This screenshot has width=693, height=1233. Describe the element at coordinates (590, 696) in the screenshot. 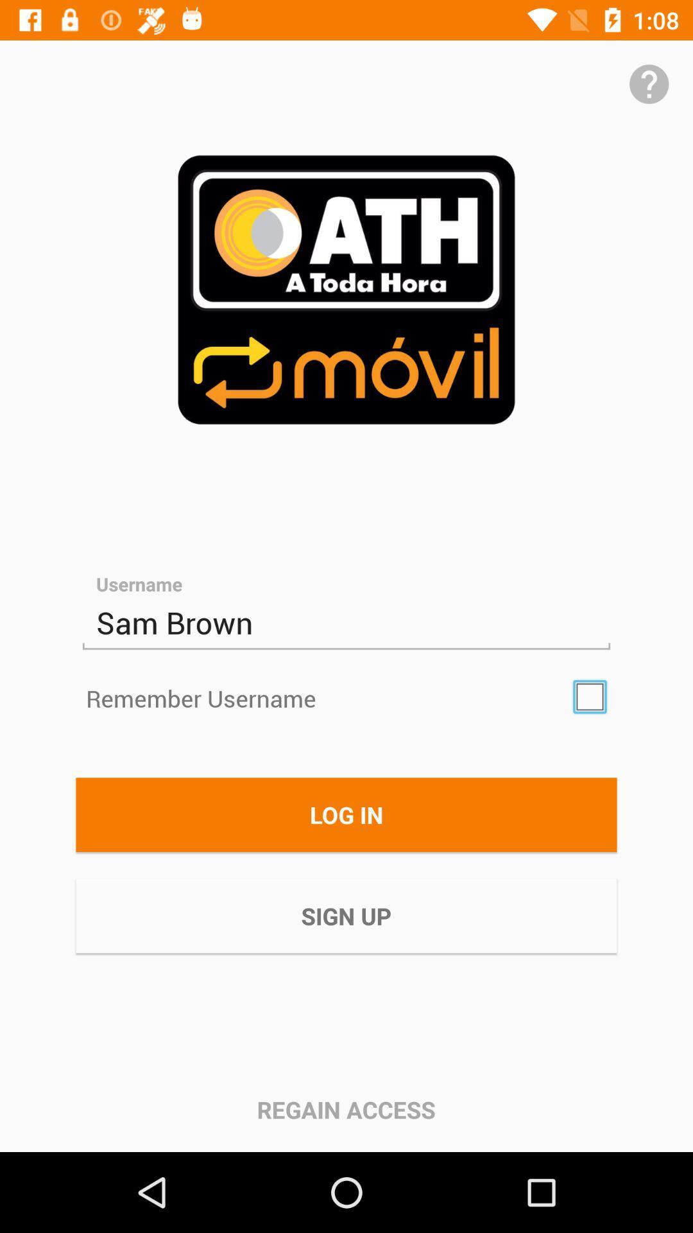

I see `item to the right of the remember username icon` at that location.